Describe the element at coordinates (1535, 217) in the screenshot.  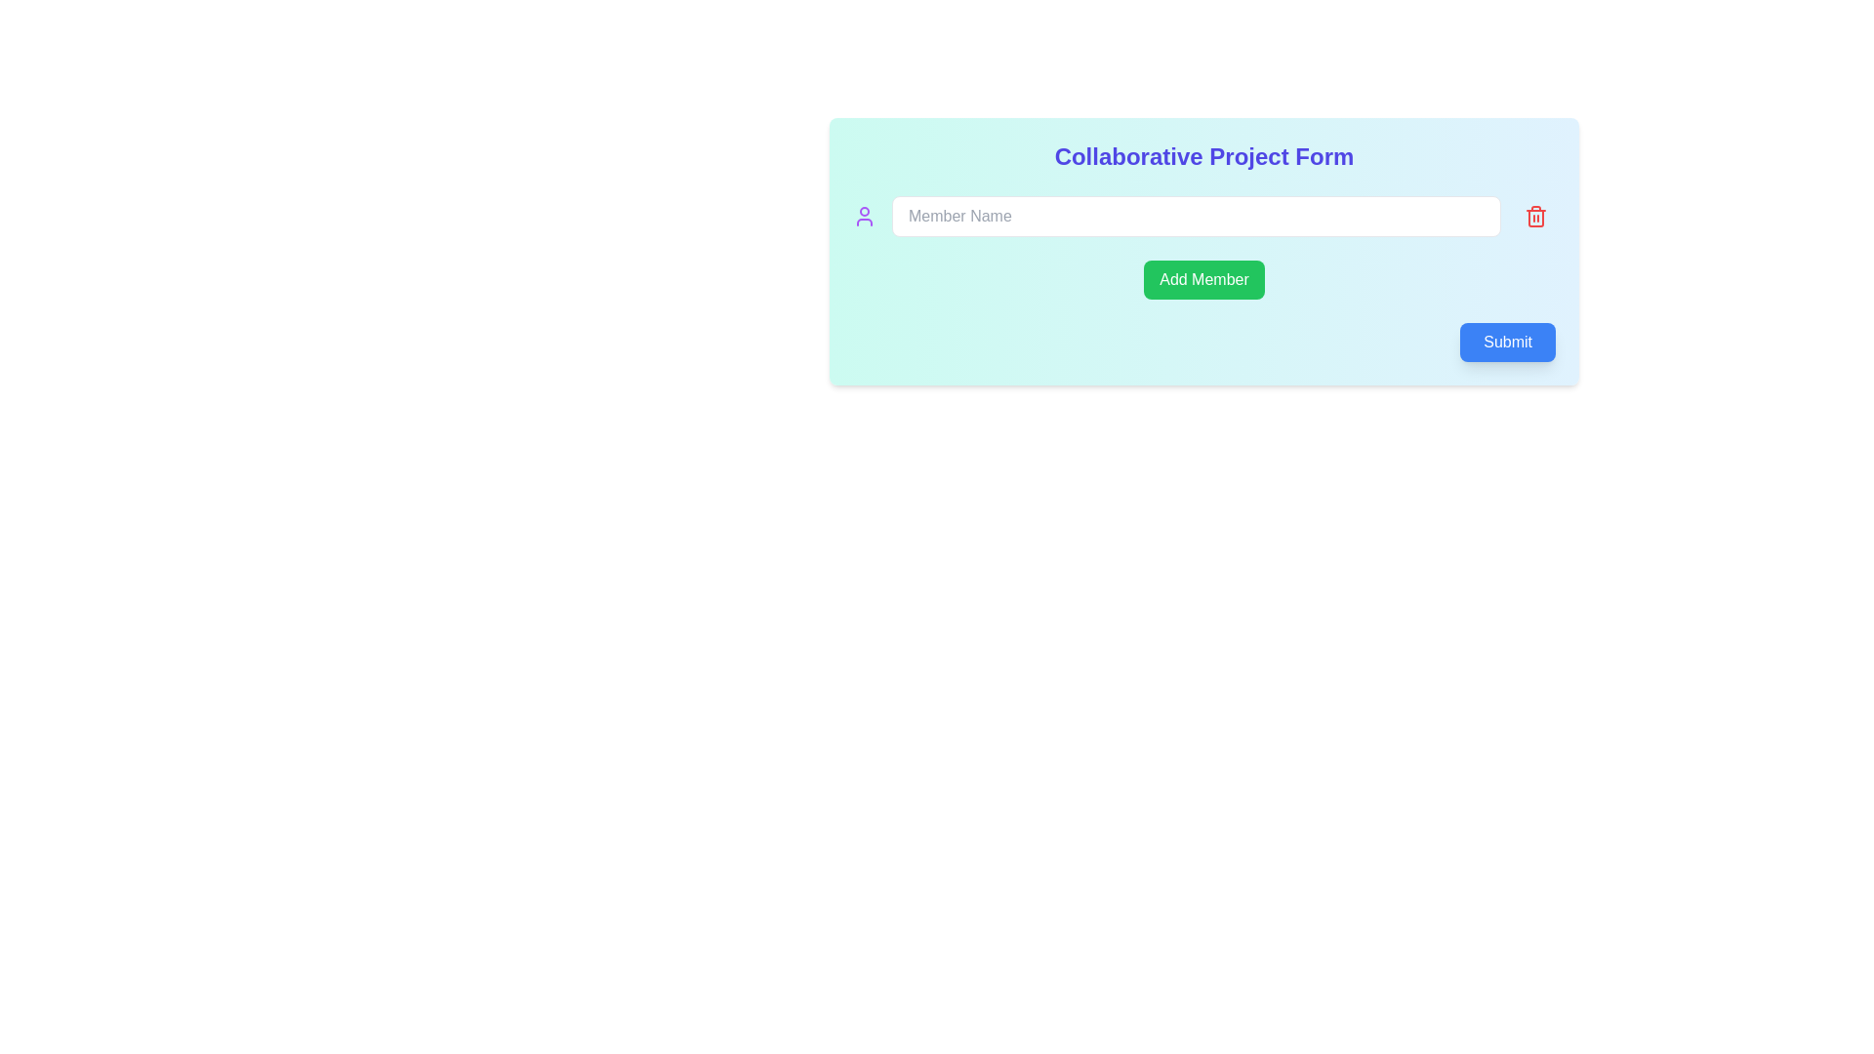
I see `the red trash bin icon located to the right of the 'Member Name' input field in the 'Collaborative Project Form'` at that location.